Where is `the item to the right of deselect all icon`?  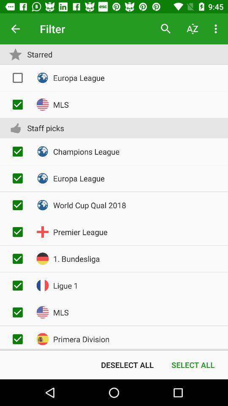
the item to the right of deselect all icon is located at coordinates (193, 364).